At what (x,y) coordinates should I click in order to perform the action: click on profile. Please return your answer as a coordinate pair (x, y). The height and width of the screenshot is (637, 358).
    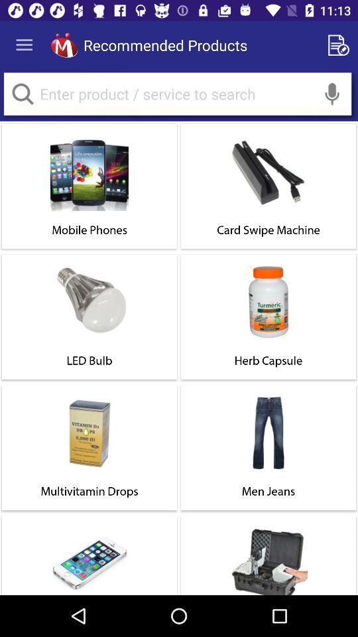
    Looking at the image, I should click on (64, 45).